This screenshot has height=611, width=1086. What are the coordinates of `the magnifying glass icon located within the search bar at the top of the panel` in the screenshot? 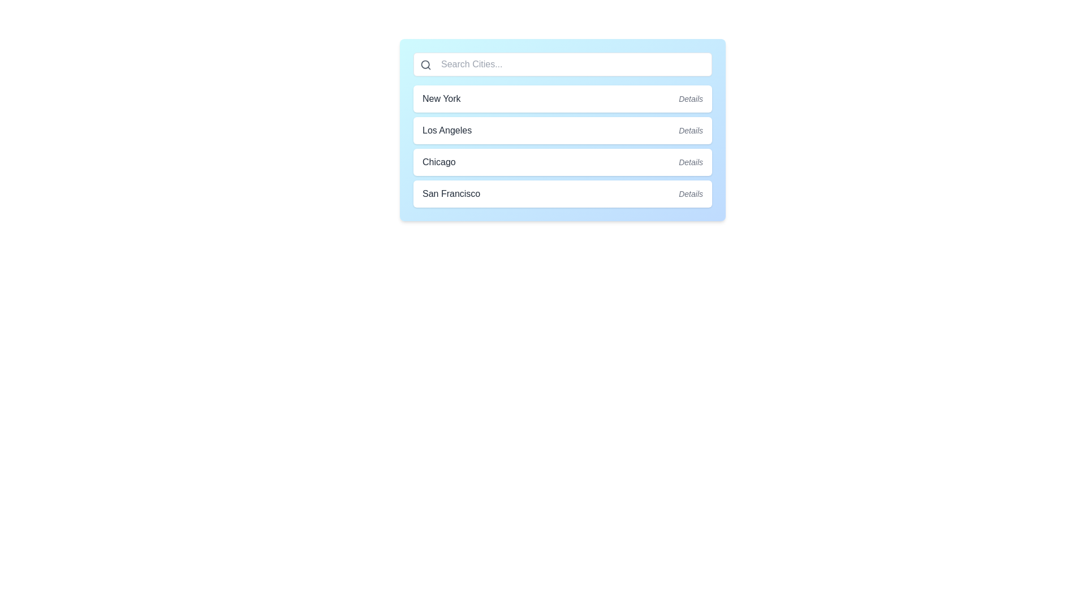 It's located at (425, 65).